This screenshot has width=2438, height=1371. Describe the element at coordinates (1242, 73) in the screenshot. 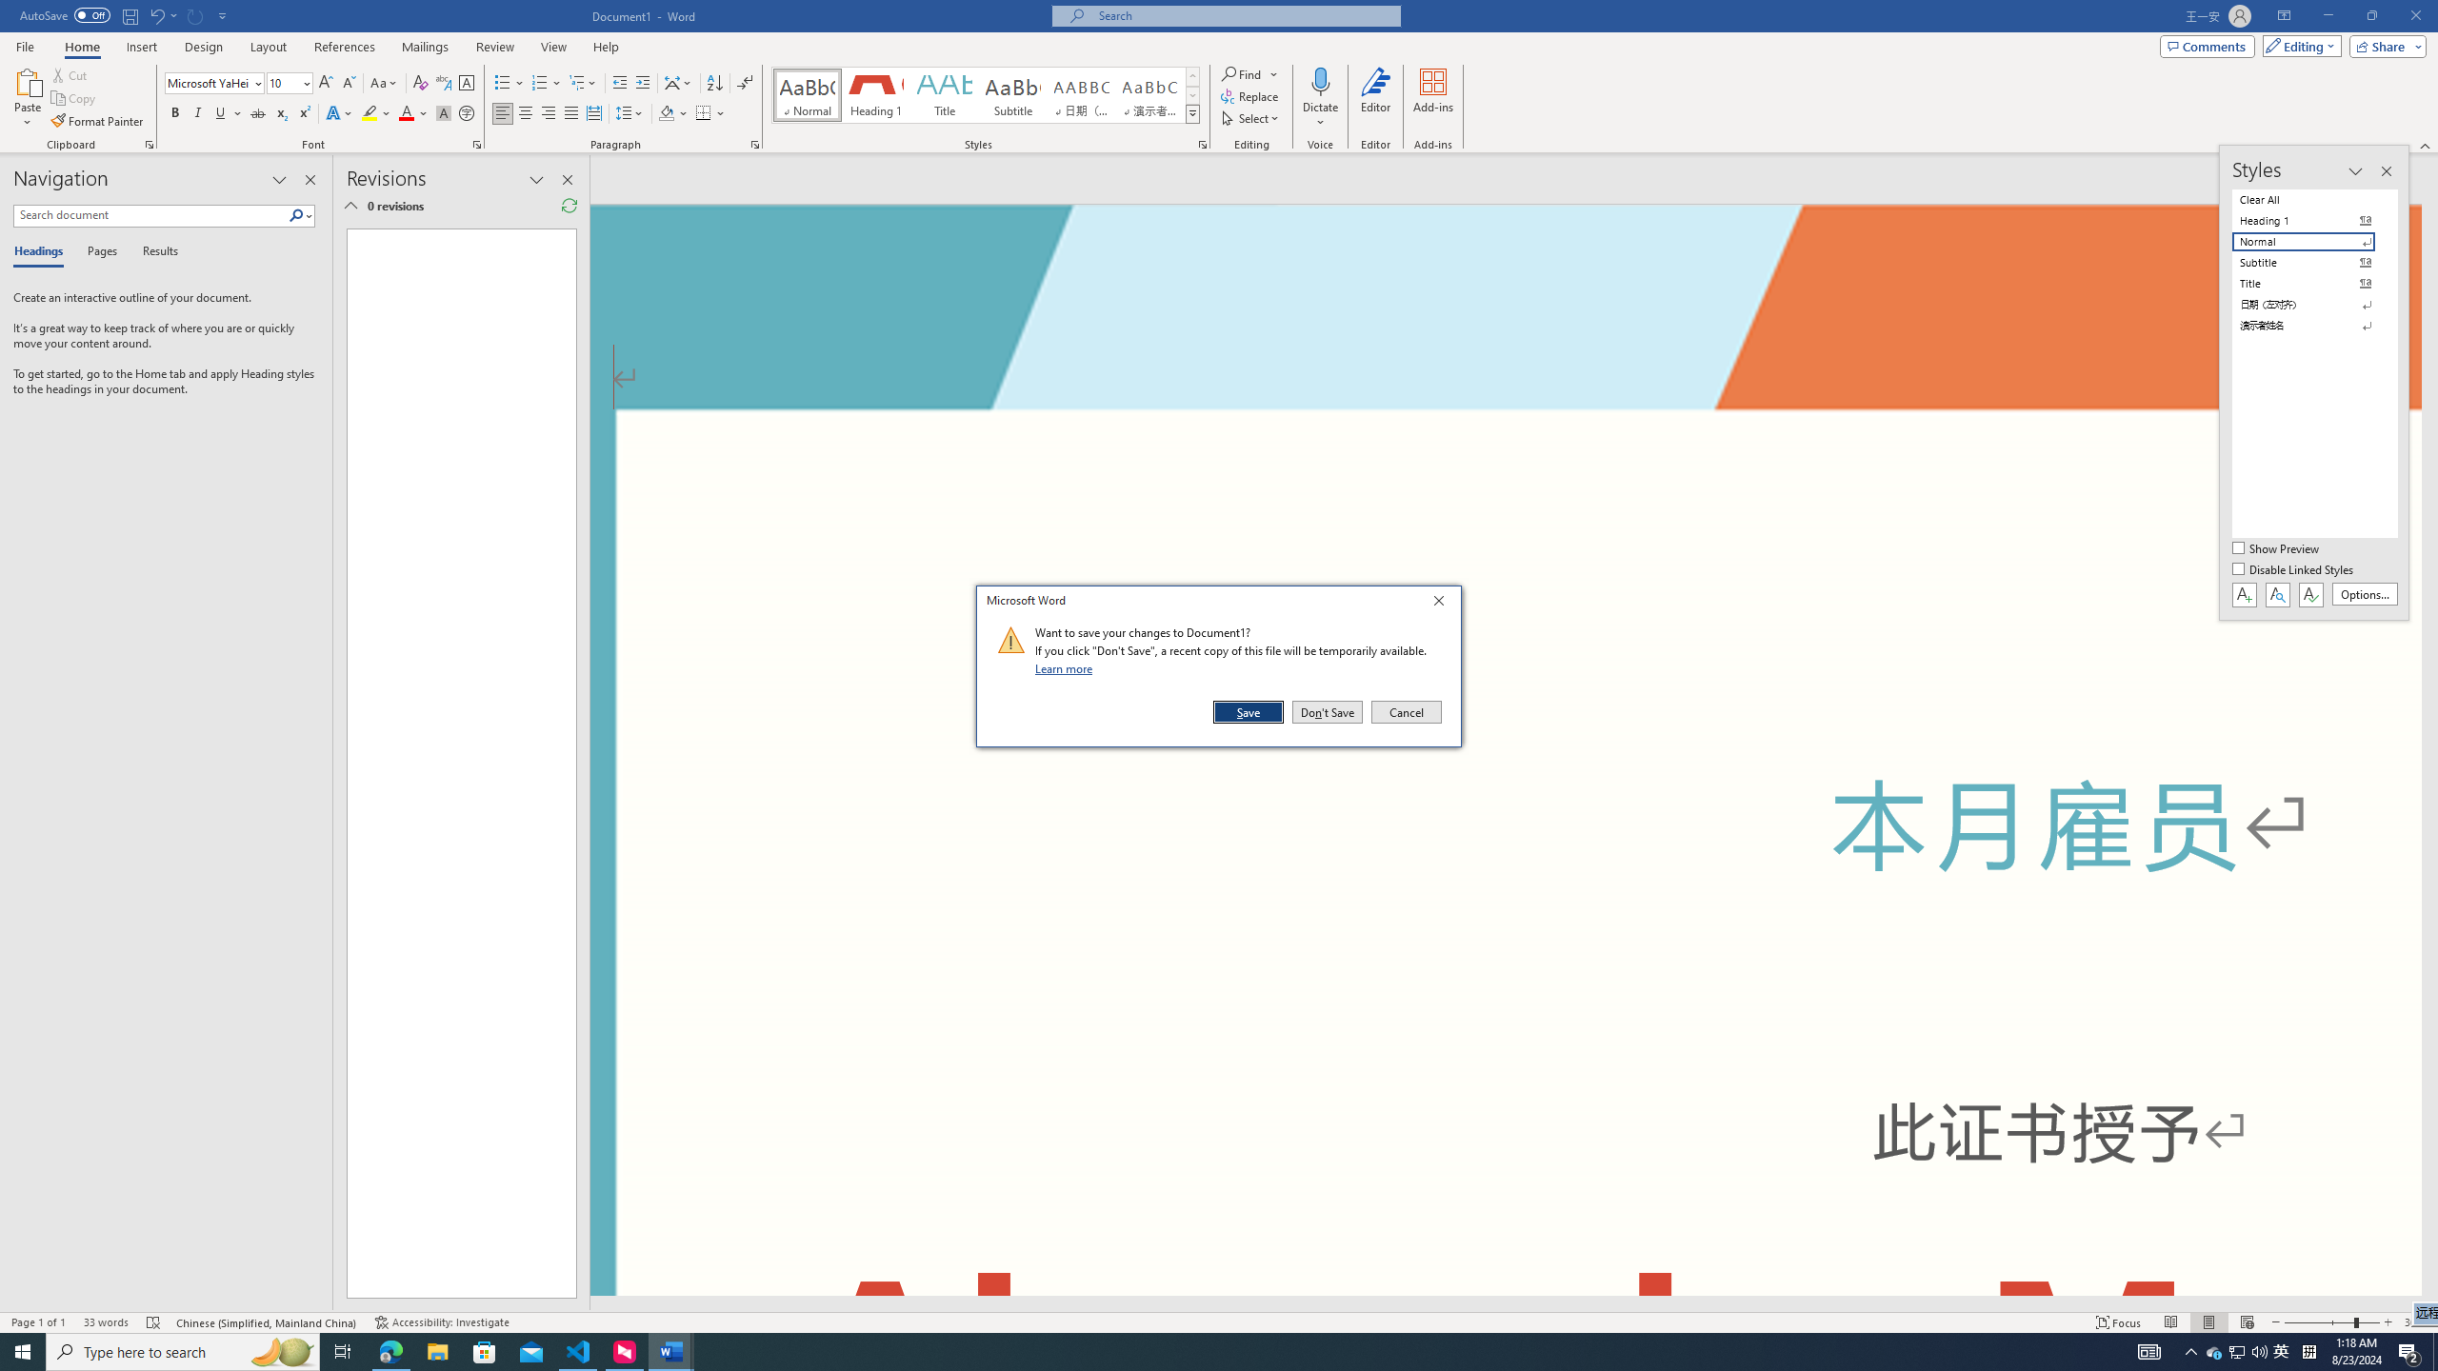

I see `'Find'` at that location.